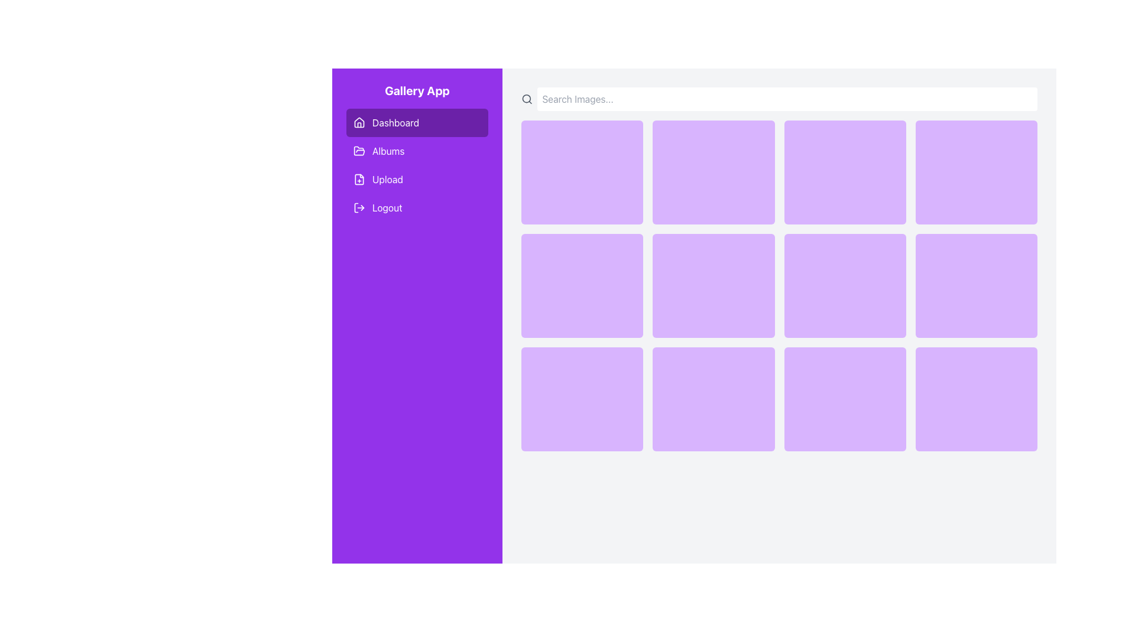  What do you see at coordinates (395, 123) in the screenshot?
I see `the 'Dashboard' text label located in the left-side navigation bar, which serves as a navigational identifier for accessing the main dashboard functionality of the application` at bounding box center [395, 123].